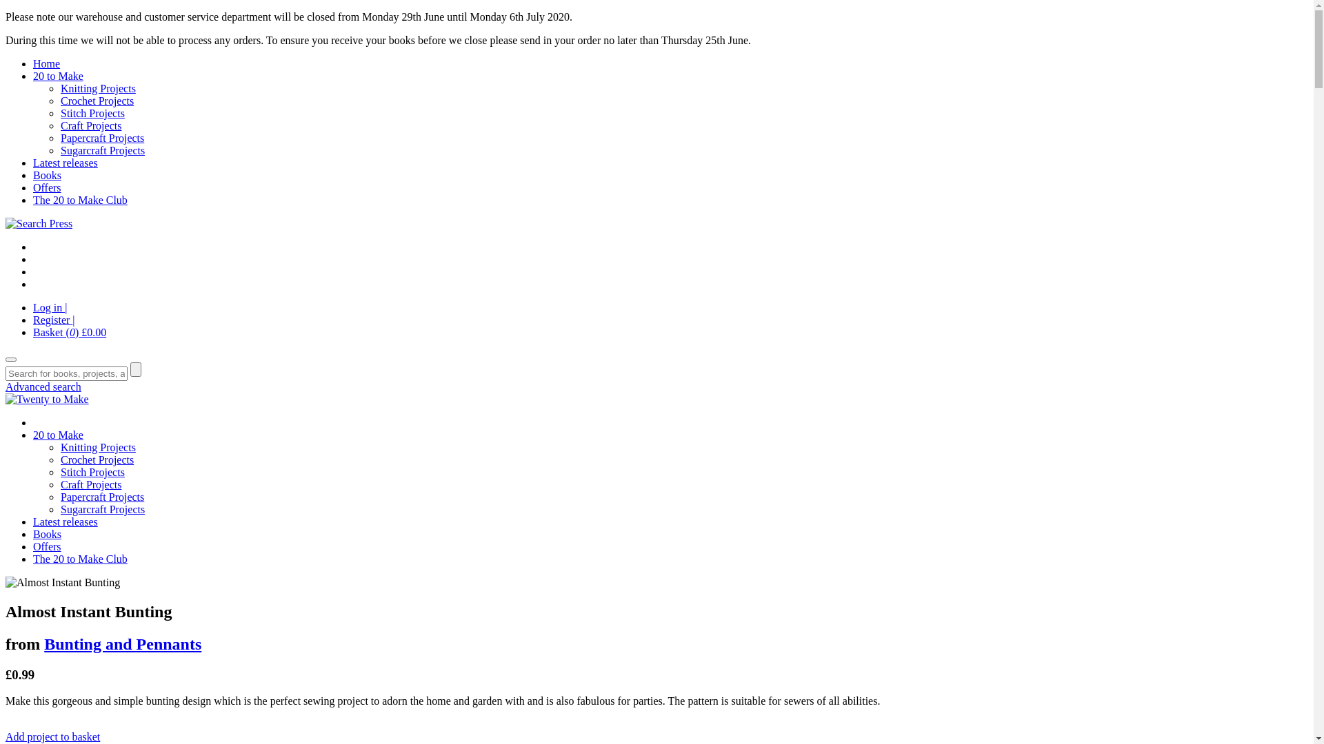 This screenshot has height=744, width=1324. Describe the element at coordinates (47, 546) in the screenshot. I see `'Offers'` at that location.